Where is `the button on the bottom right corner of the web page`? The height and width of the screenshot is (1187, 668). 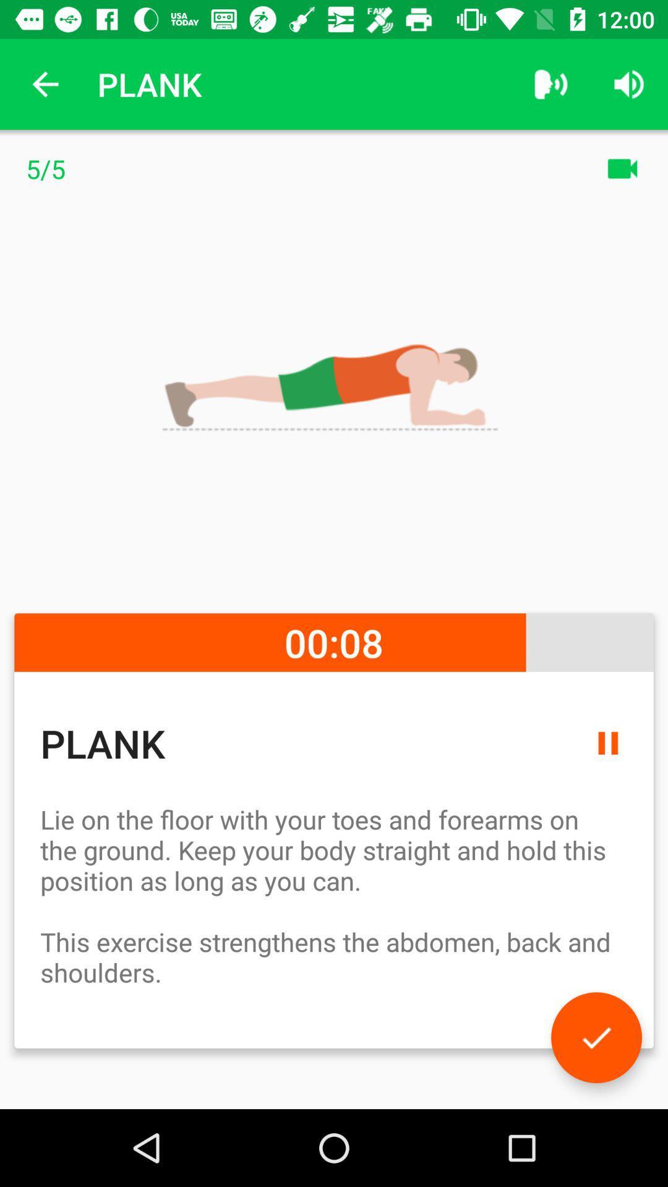 the button on the bottom right corner of the web page is located at coordinates (596, 1037).